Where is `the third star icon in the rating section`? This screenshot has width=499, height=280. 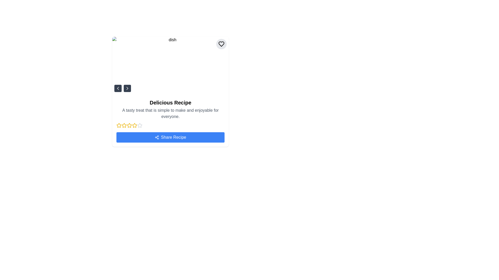
the third star icon in the rating section is located at coordinates (129, 125).